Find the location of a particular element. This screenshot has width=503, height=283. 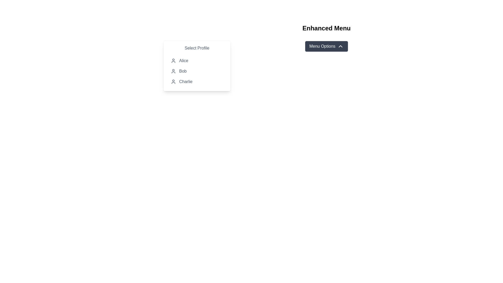

the text label with the content 'Enhanced Menu', which is styled in bold and serves as the prominent title at the top of the layout is located at coordinates (326, 28).